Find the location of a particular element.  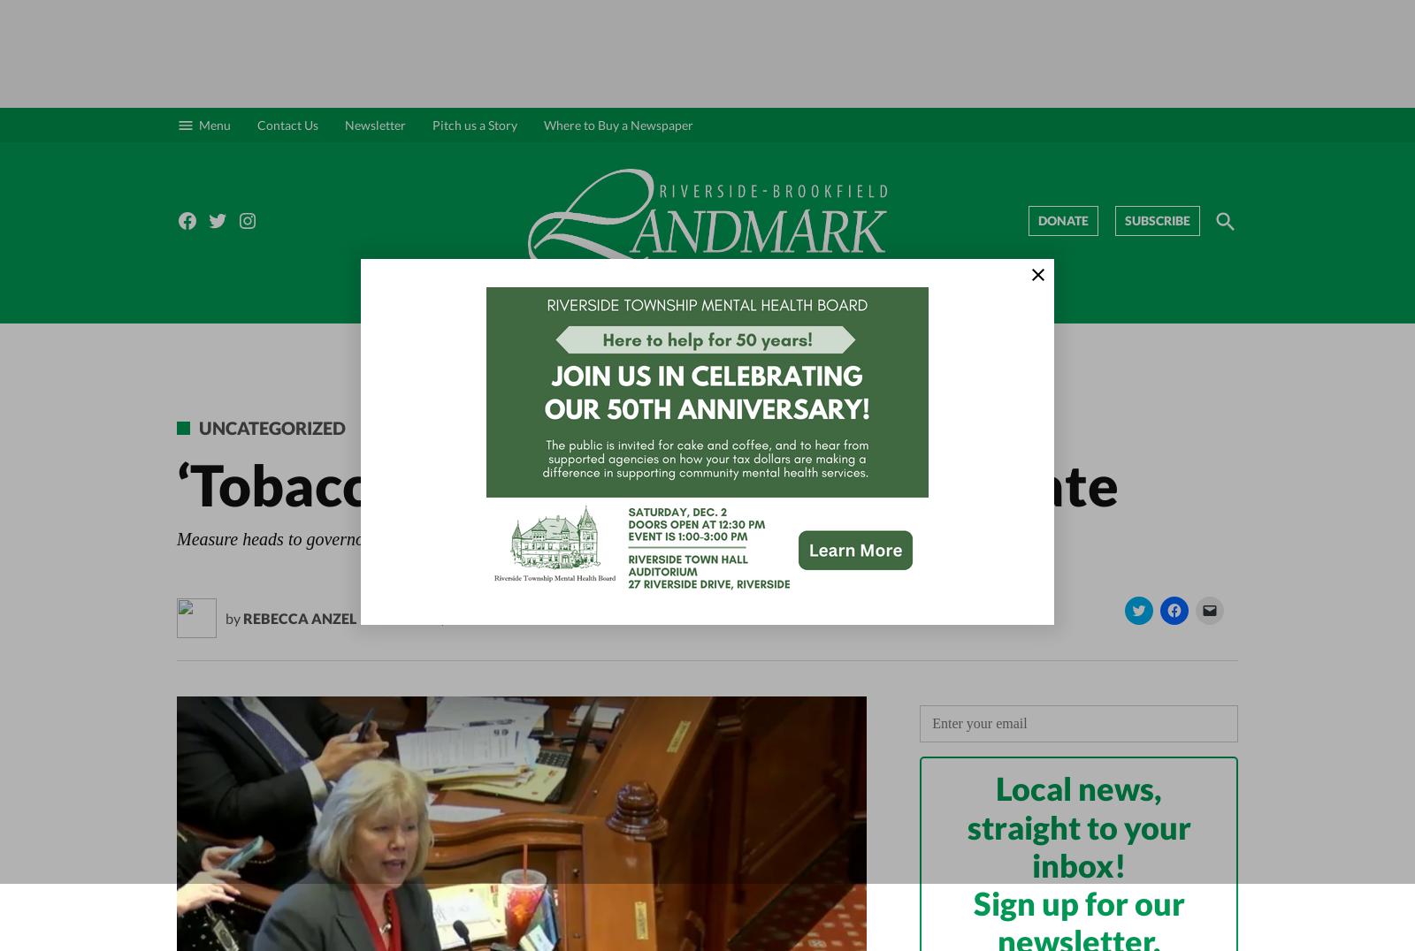

'Public Notices' is located at coordinates (999, 306).